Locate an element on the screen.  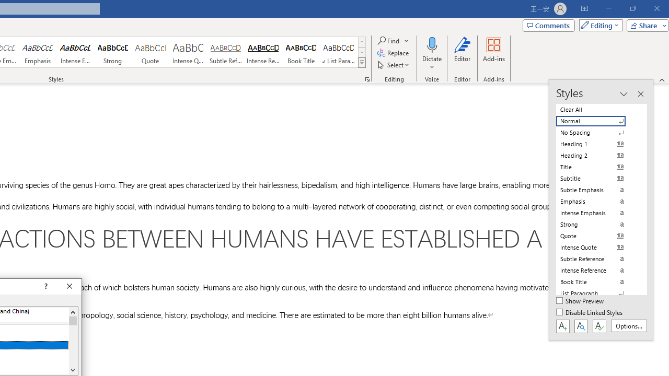
'Row up' is located at coordinates (362, 41).